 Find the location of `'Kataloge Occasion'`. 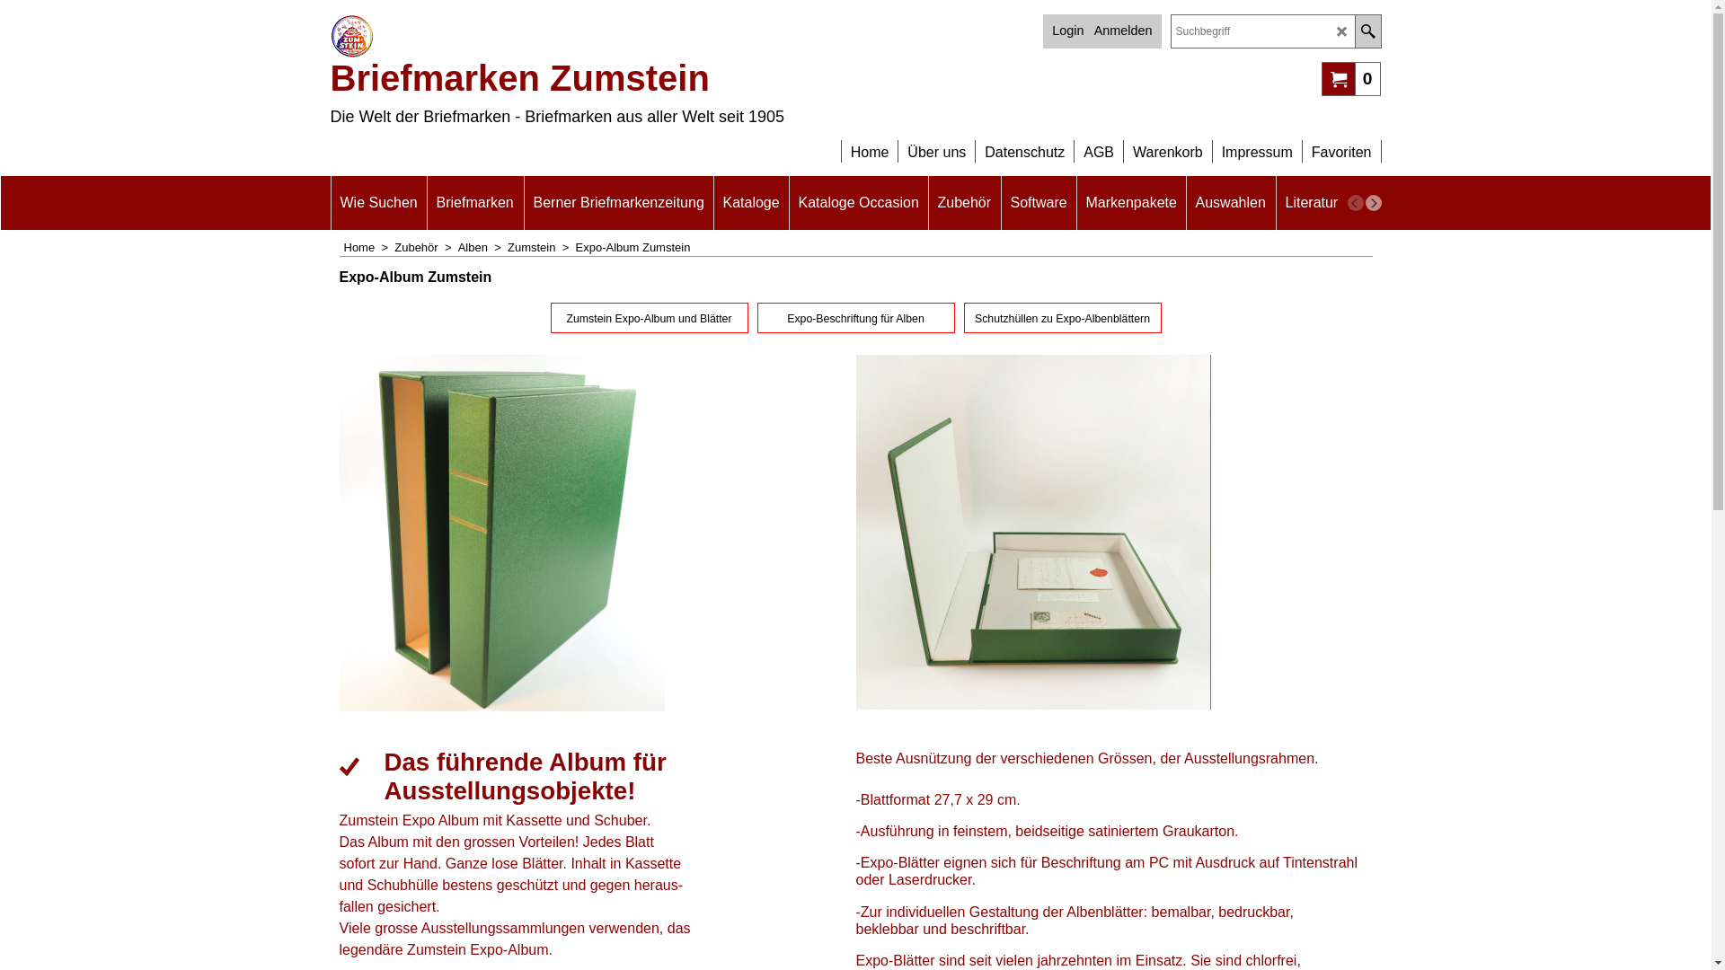

'Kataloge Occasion' is located at coordinates (857, 202).